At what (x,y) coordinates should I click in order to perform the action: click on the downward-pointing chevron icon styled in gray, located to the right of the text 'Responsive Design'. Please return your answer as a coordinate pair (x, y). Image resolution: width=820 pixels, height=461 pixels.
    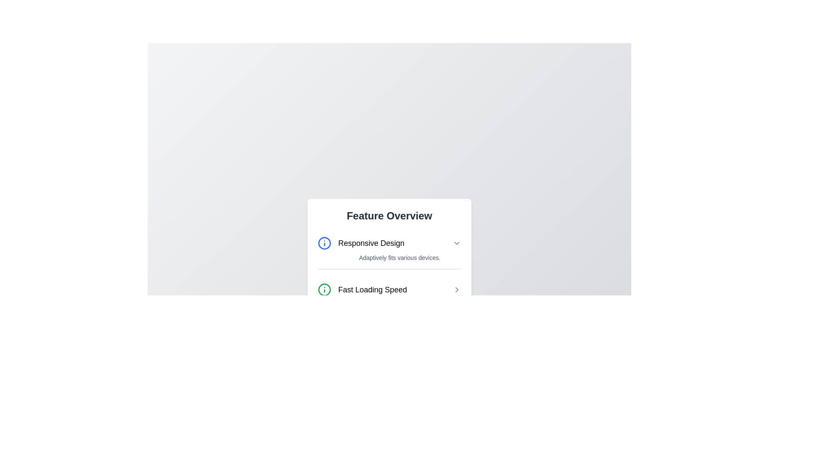
    Looking at the image, I should click on (457, 243).